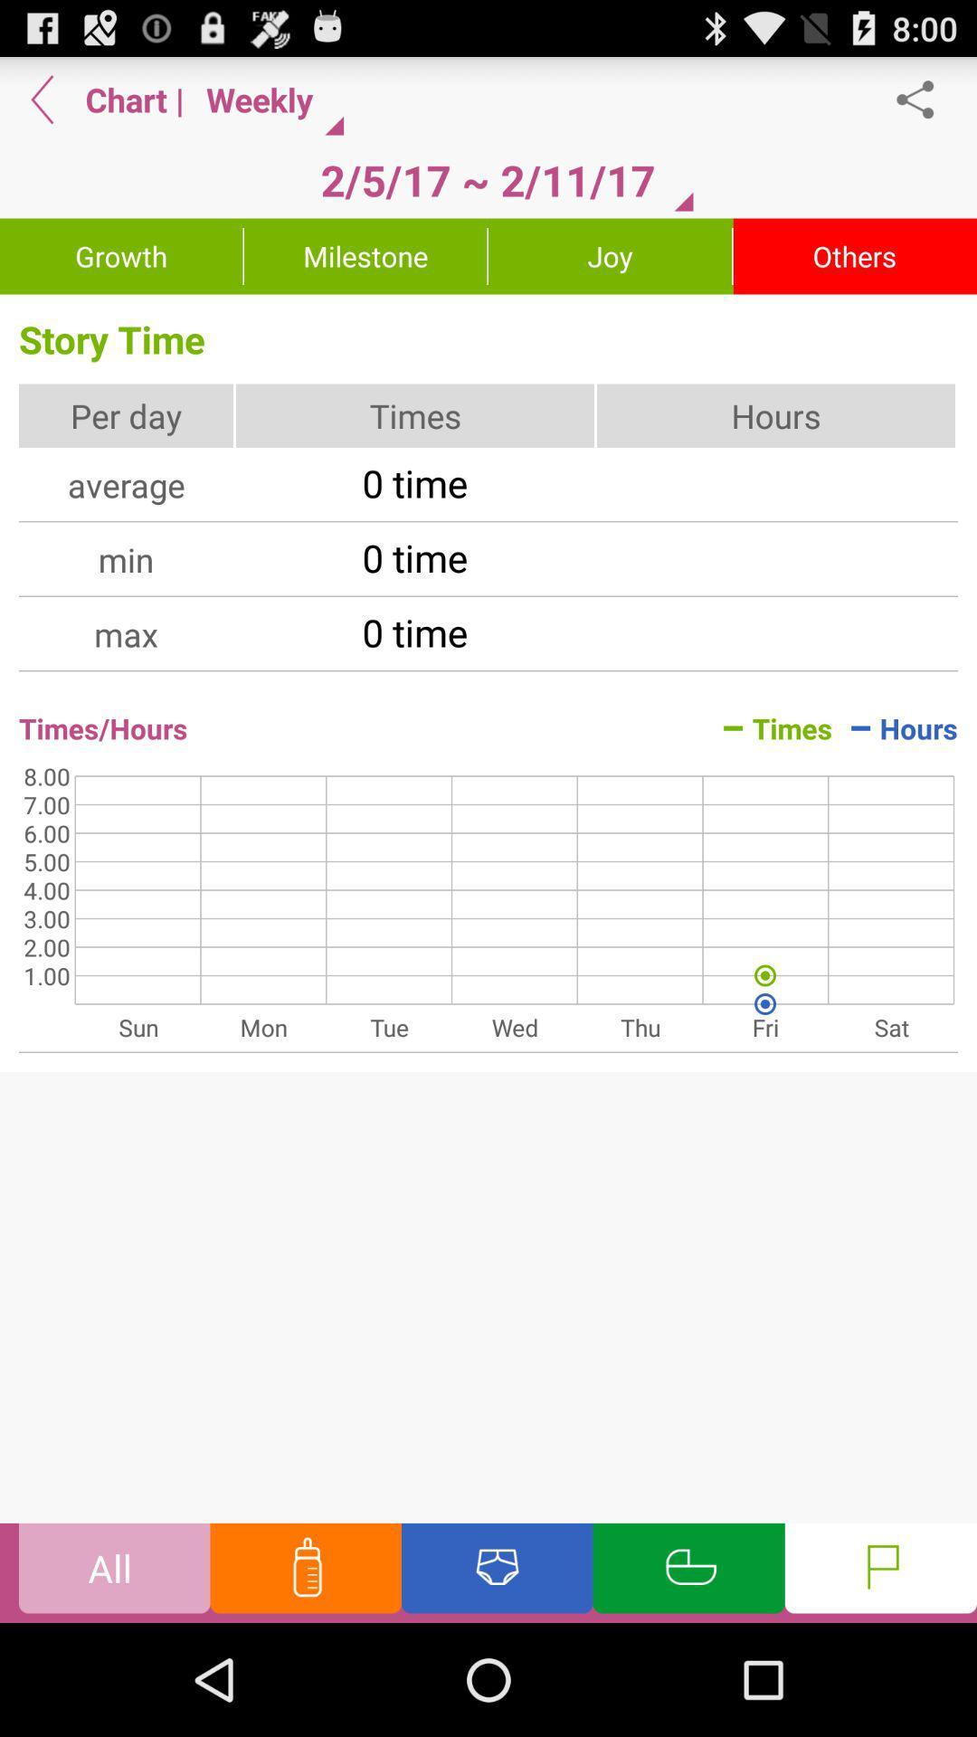  What do you see at coordinates (925, 99) in the screenshot?
I see `share the article` at bounding box center [925, 99].